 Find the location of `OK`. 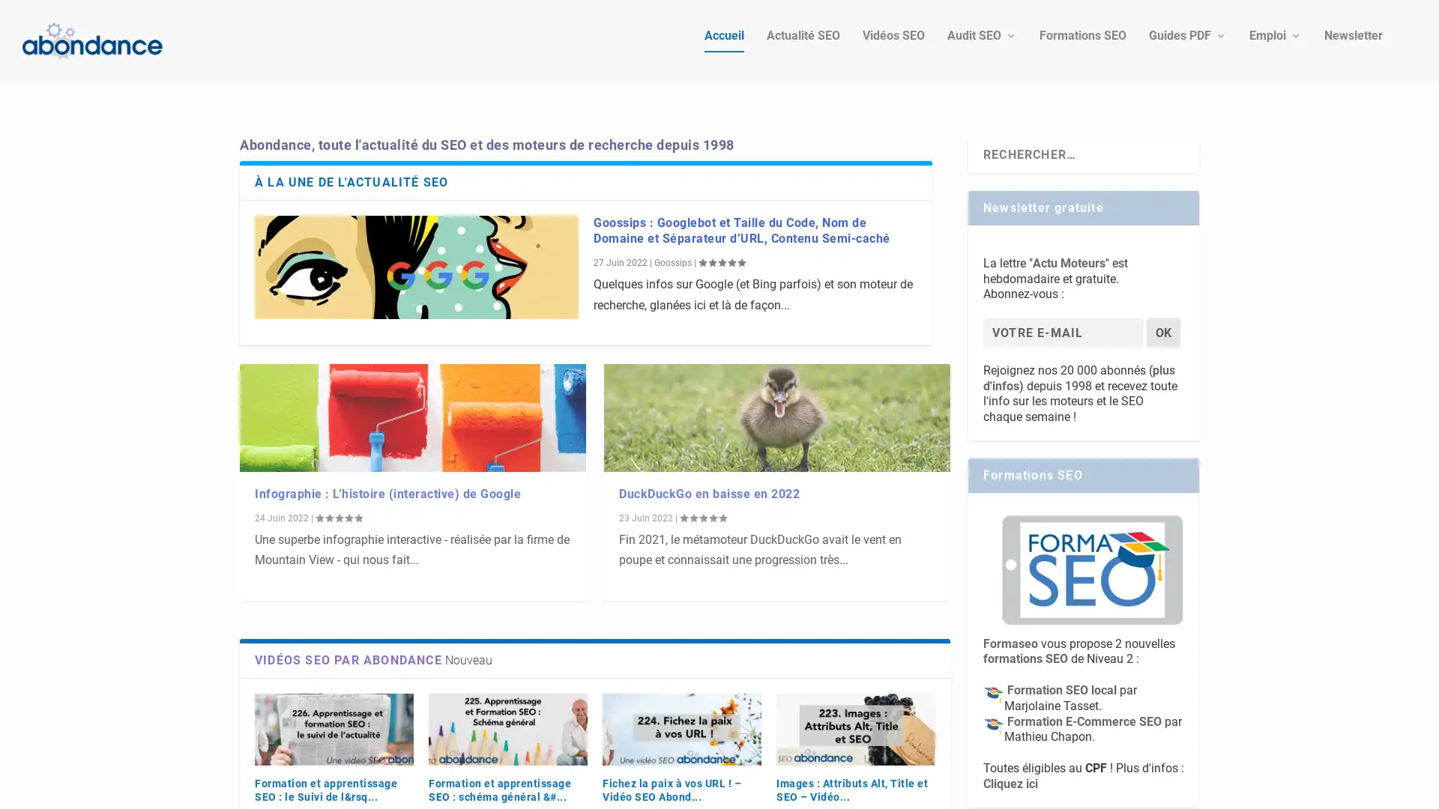

OK is located at coordinates (1162, 307).